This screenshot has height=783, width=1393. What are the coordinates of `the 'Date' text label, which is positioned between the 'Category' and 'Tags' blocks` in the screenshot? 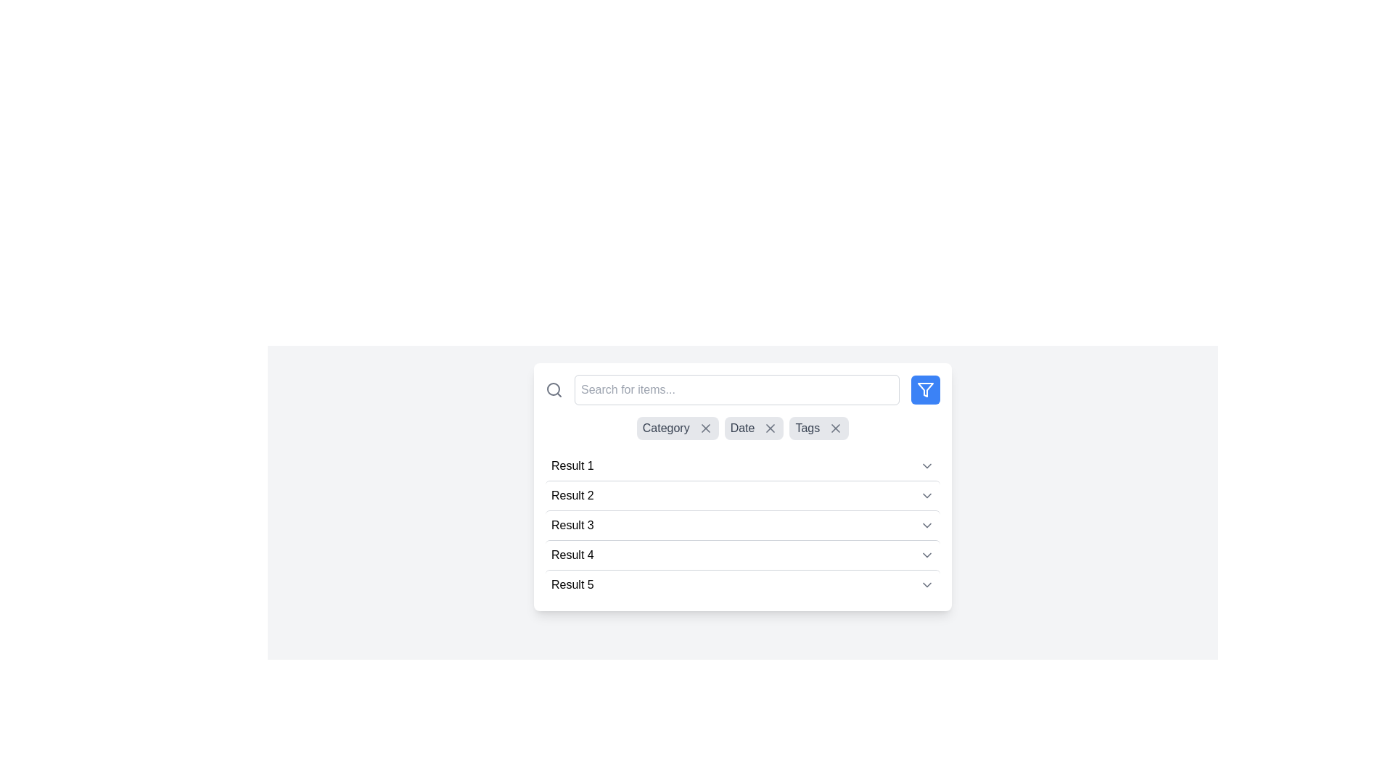 It's located at (742, 427).